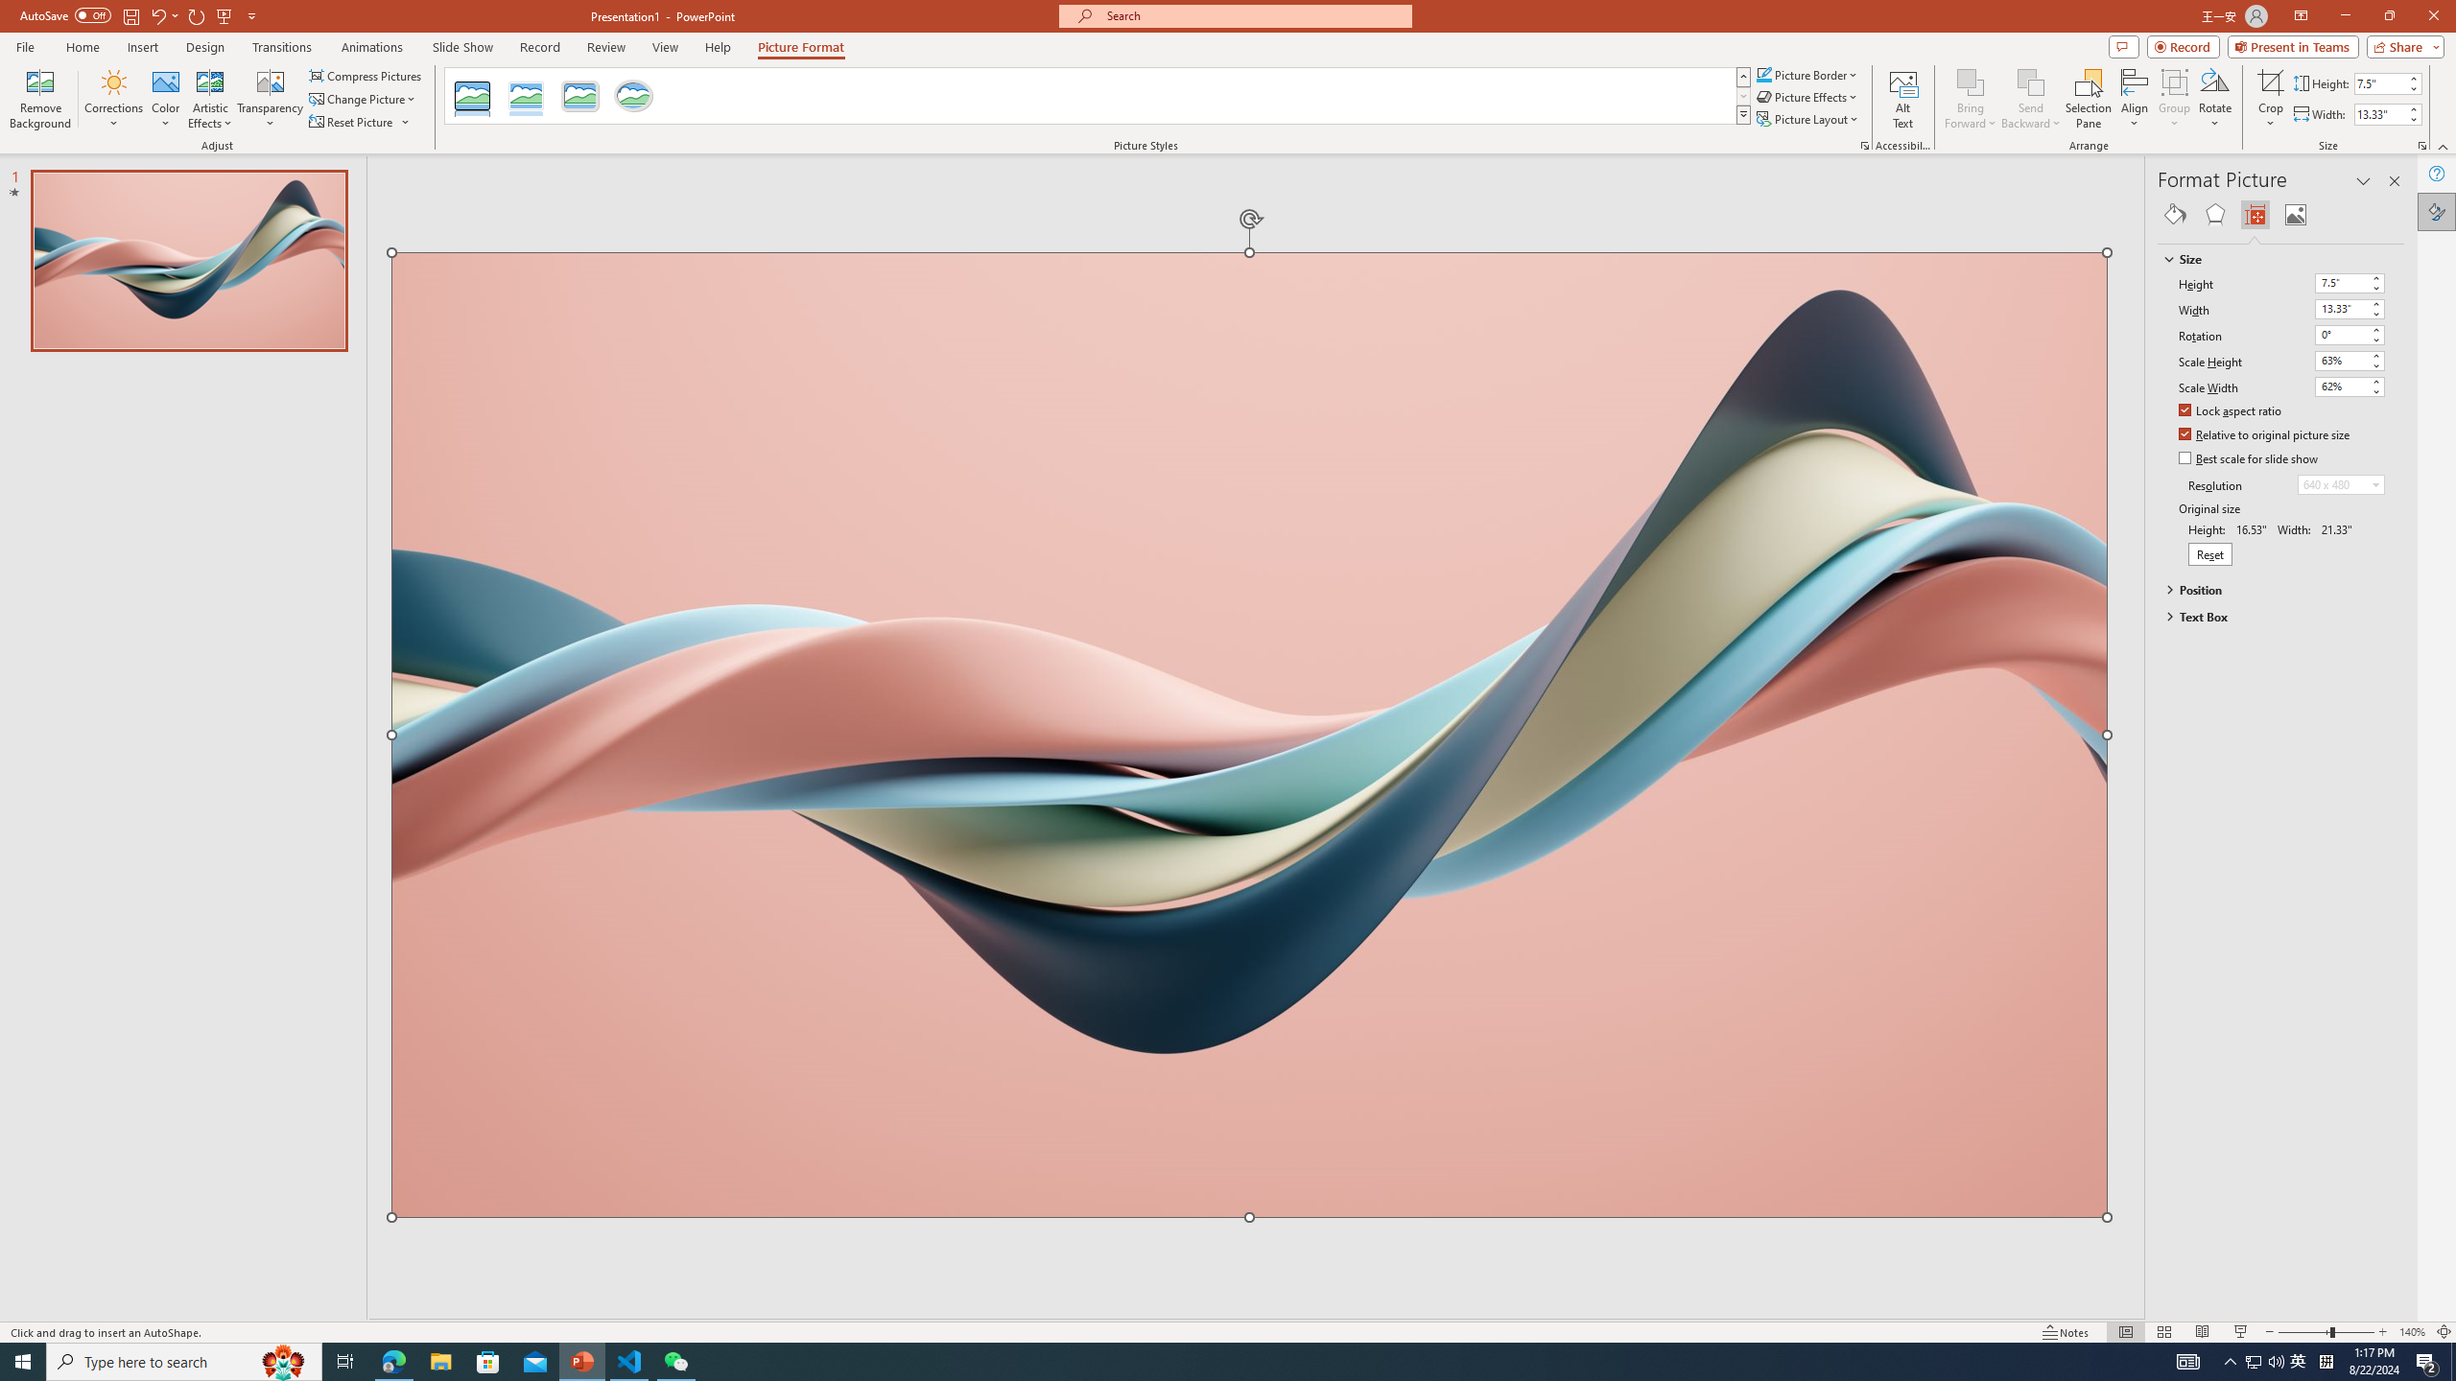 The height and width of the screenshot is (1381, 2456). What do you see at coordinates (1971, 81) in the screenshot?
I see `'Bring Forward'` at bounding box center [1971, 81].